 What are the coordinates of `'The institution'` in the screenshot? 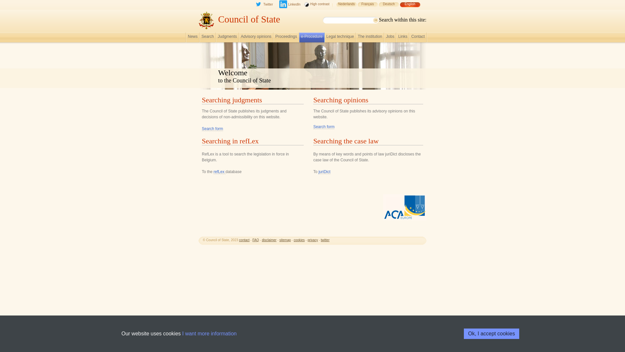 It's located at (370, 38).